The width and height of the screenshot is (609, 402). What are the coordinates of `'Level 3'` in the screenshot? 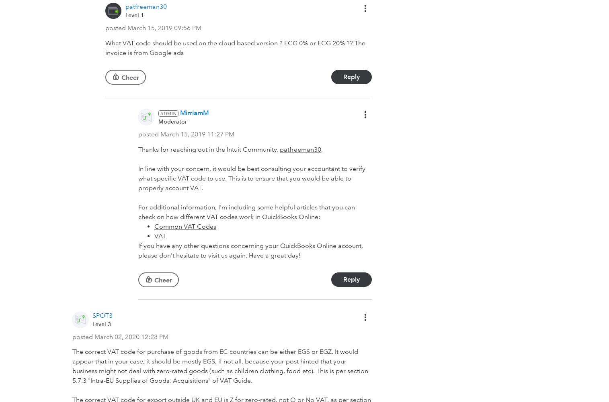 It's located at (92, 323).